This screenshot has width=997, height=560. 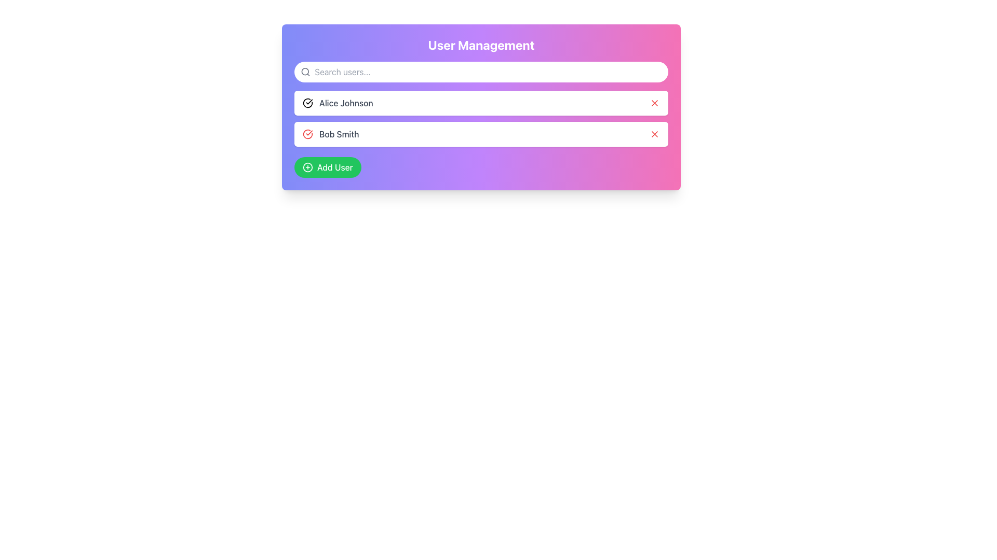 What do you see at coordinates (654, 133) in the screenshot?
I see `the X-shaped icon button located on the right side of the row for user 'Bob Smith' in the 'User Management' interface` at bounding box center [654, 133].